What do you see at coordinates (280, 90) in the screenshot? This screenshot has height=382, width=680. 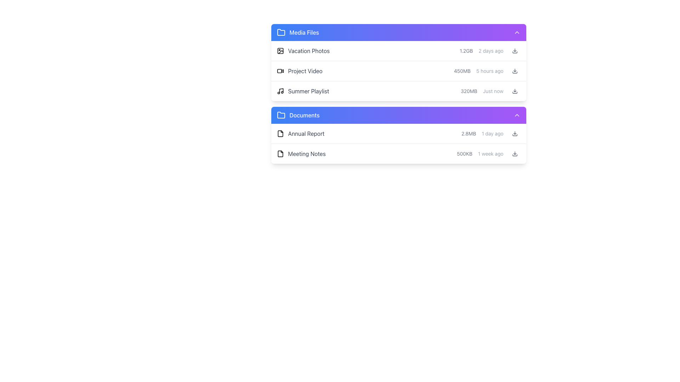 I see `the stem of the music note icon, which is part of the third item` at bounding box center [280, 90].